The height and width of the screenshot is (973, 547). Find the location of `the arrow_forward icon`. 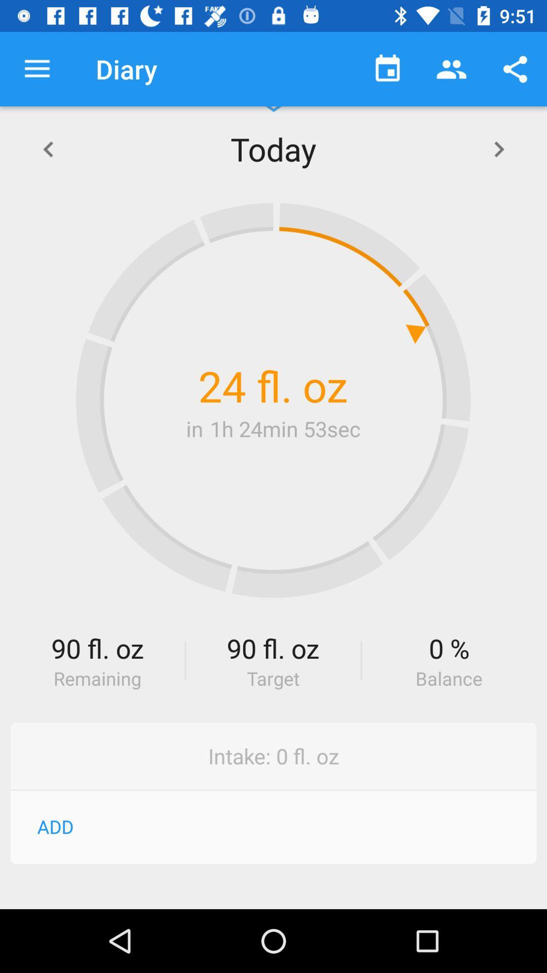

the arrow_forward icon is located at coordinates (498, 148).